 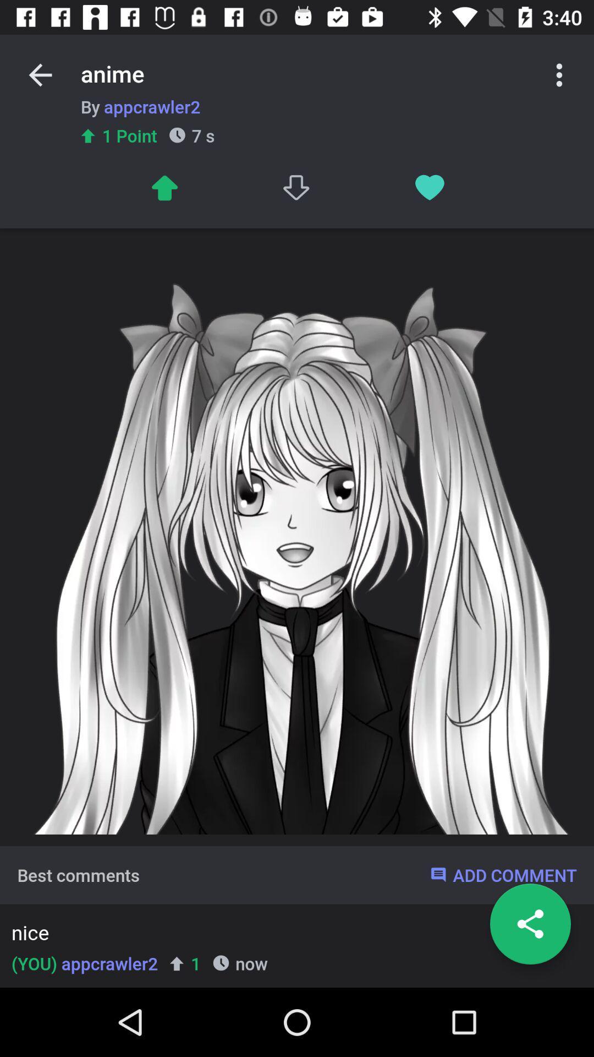 What do you see at coordinates (503, 874) in the screenshot?
I see `the icon next to the best comments` at bounding box center [503, 874].